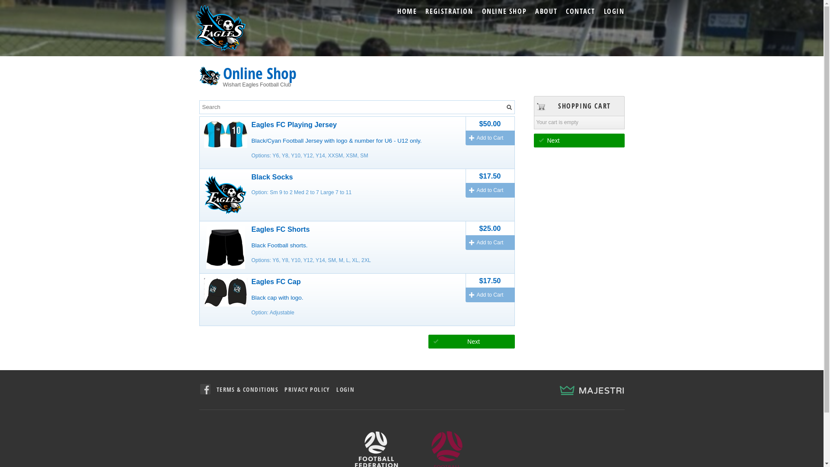 This screenshot has height=467, width=830. Describe the element at coordinates (345, 389) in the screenshot. I see `'LOGIN'` at that location.